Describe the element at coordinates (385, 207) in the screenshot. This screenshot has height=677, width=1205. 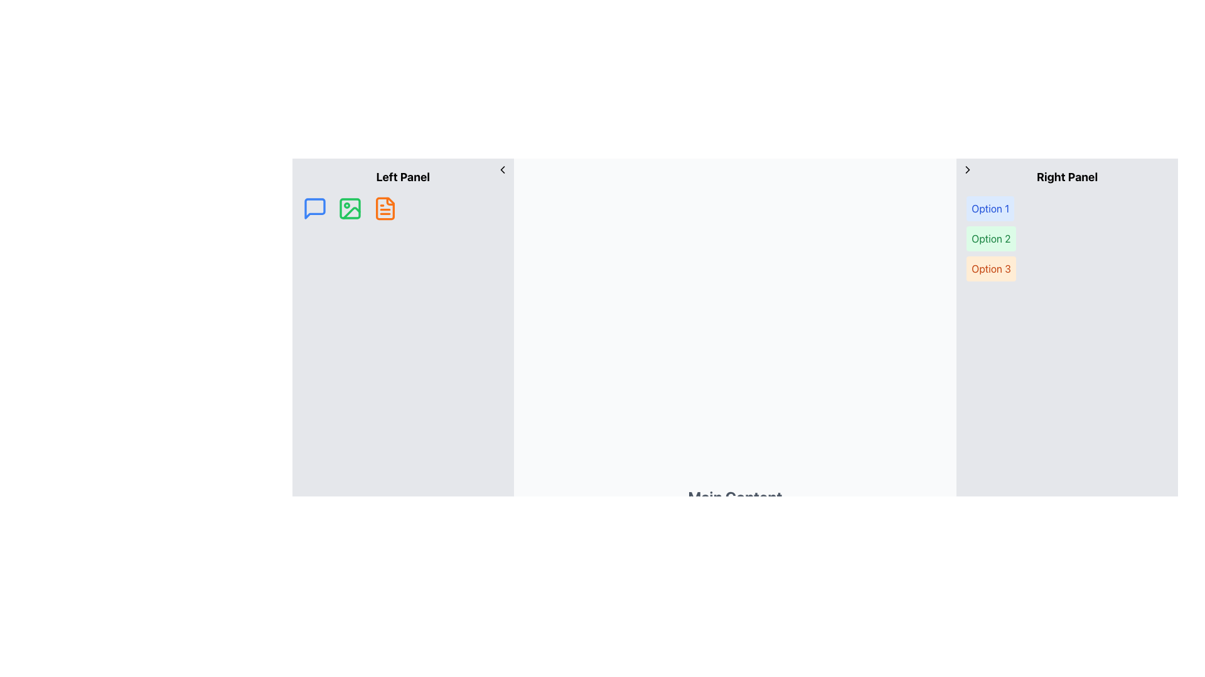
I see `the orange document icon located in the Left Panel section to initiate a file/document functionality` at that location.